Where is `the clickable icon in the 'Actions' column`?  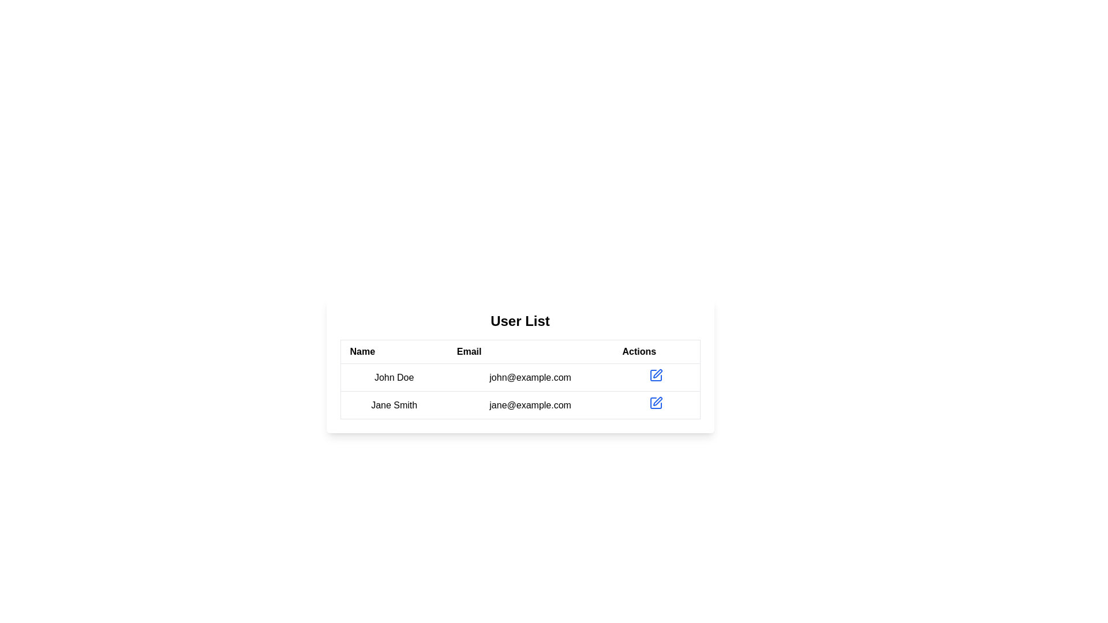 the clickable icon in the 'Actions' column is located at coordinates (656, 402).